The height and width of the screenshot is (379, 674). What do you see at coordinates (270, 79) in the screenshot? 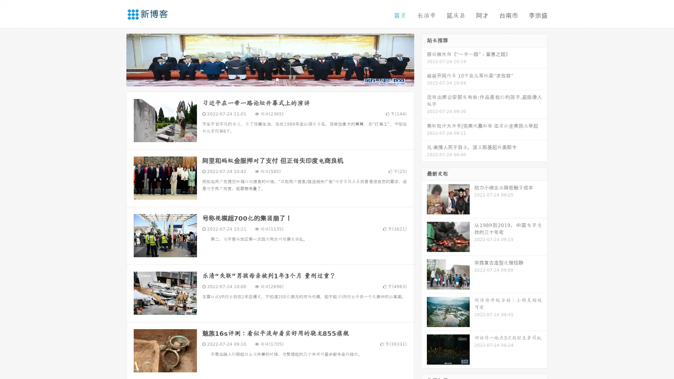
I see `Go to slide 2` at bounding box center [270, 79].